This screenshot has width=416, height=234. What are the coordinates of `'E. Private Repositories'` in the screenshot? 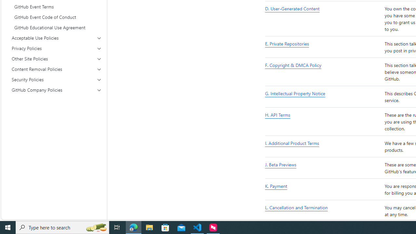 It's located at (323, 47).